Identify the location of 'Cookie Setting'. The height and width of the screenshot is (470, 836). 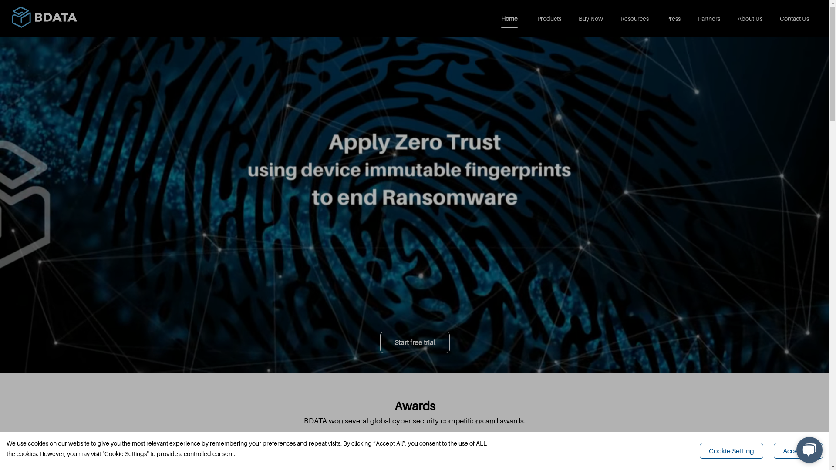
(731, 450).